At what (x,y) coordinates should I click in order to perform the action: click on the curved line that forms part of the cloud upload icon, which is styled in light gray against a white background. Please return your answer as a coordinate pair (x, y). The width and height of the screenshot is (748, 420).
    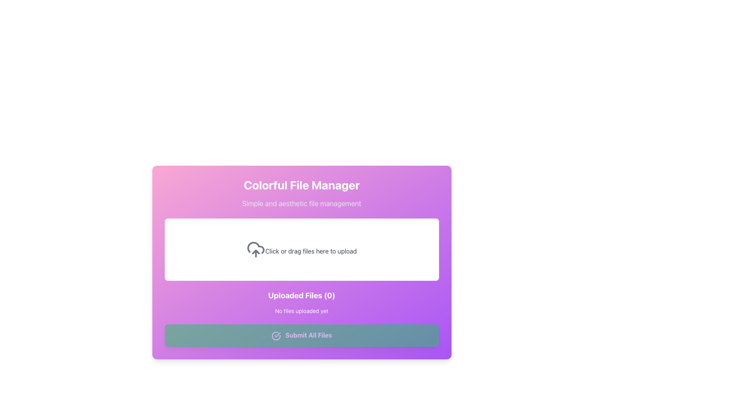
    Looking at the image, I should click on (256, 248).